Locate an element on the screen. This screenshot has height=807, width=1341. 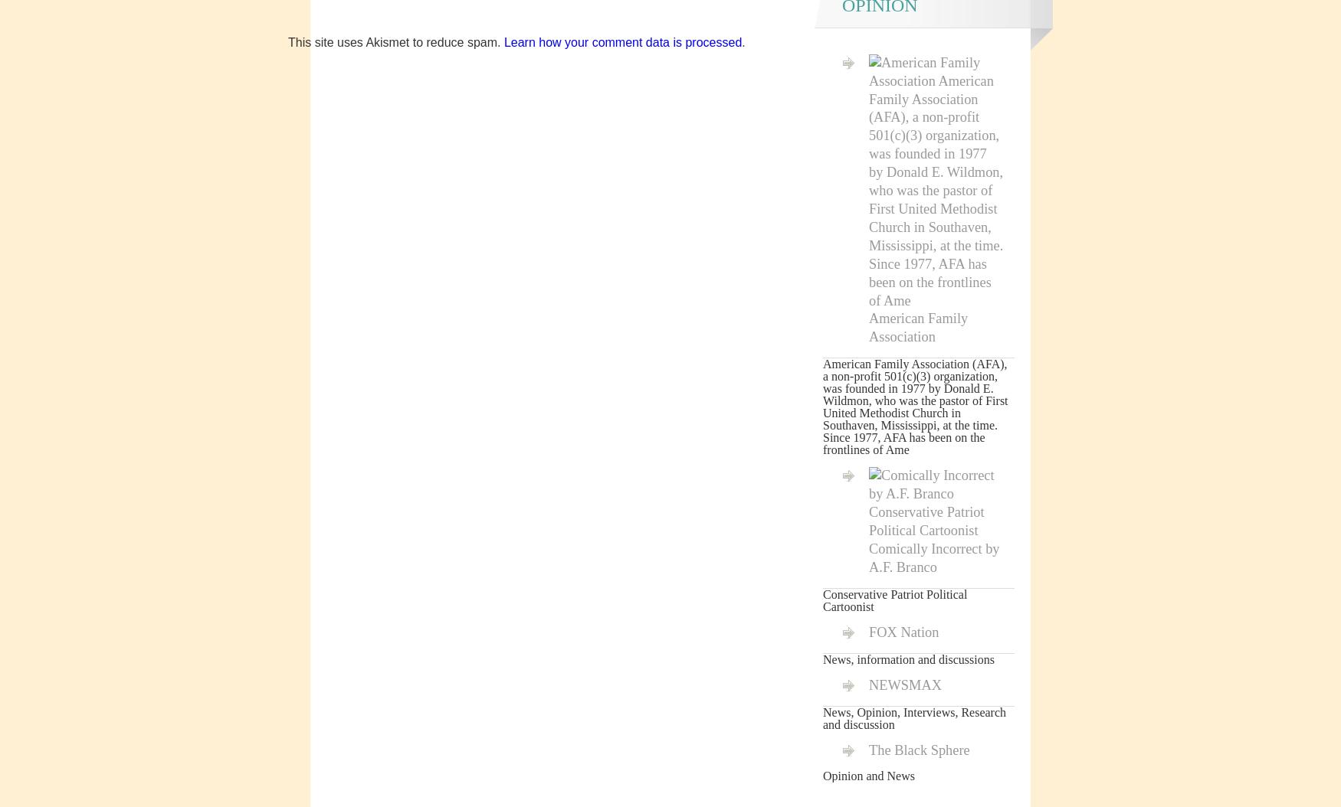
'Opinion and News' is located at coordinates (867, 775).